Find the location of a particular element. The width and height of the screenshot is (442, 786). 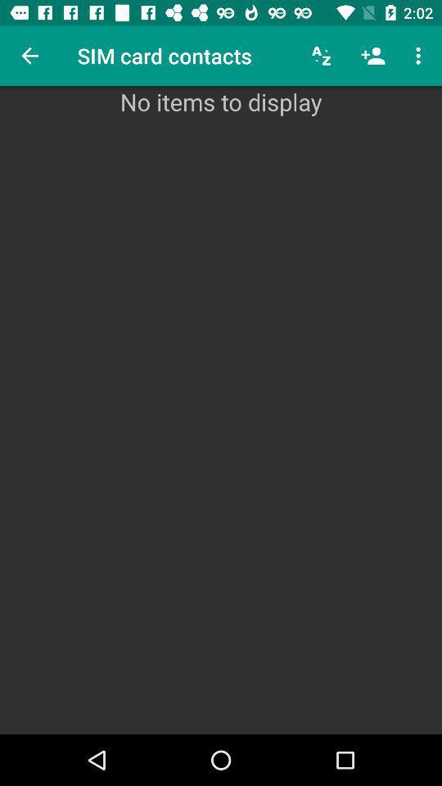

icon above the no items to item is located at coordinates (322, 56).